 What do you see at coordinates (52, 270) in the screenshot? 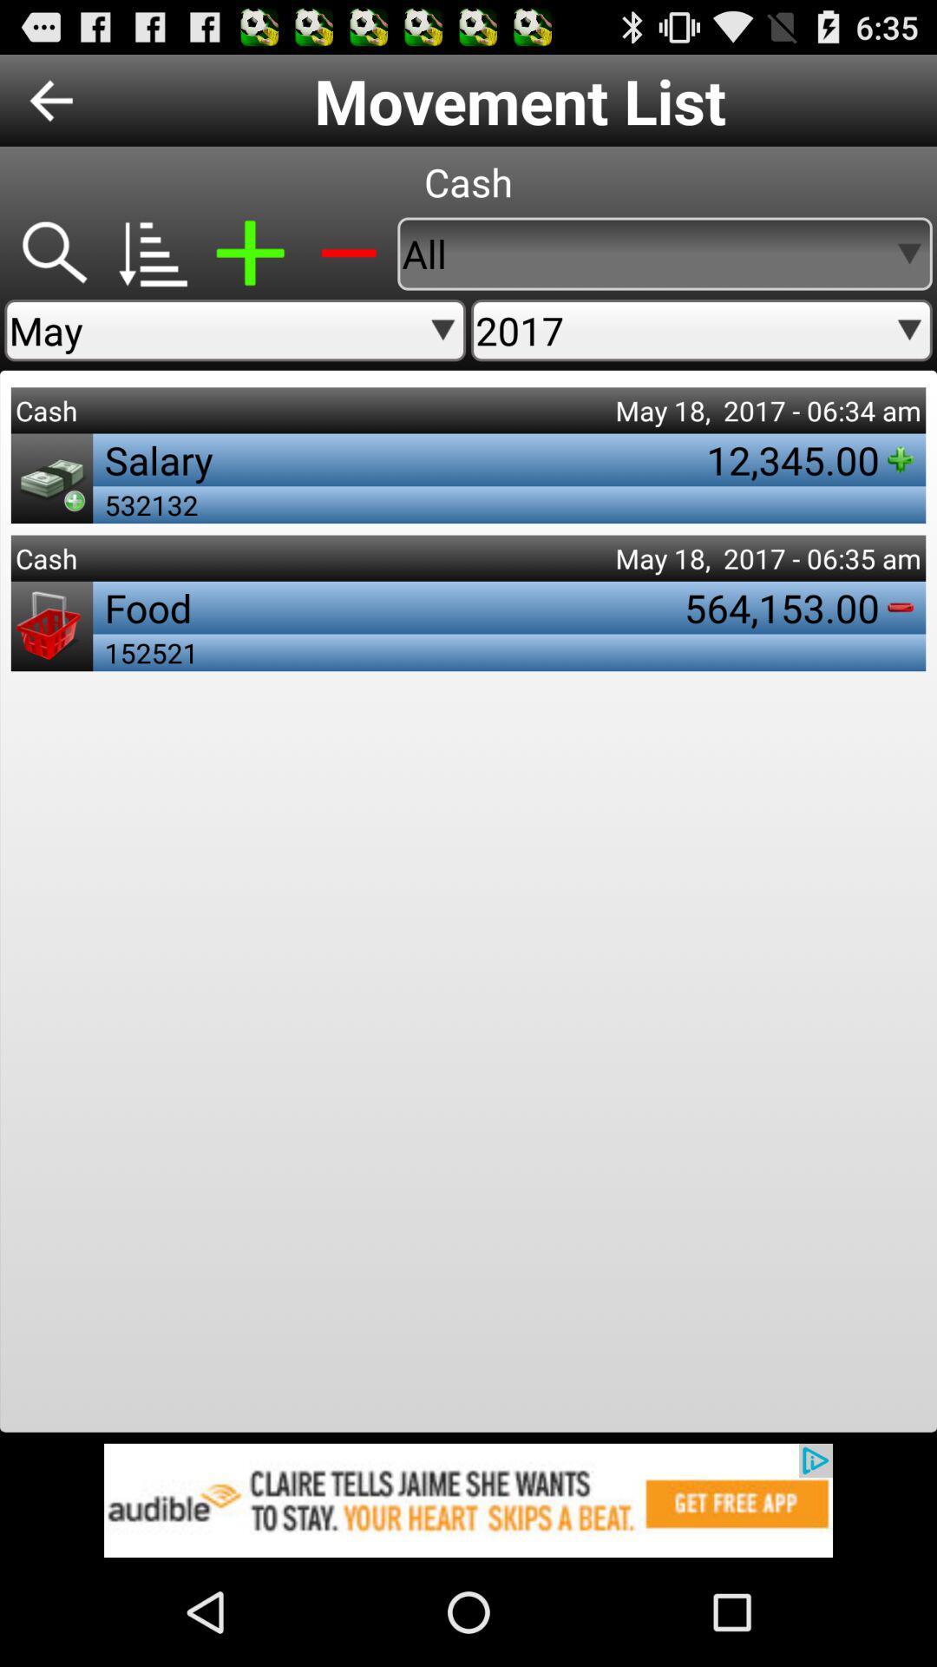
I see `the search icon` at bounding box center [52, 270].